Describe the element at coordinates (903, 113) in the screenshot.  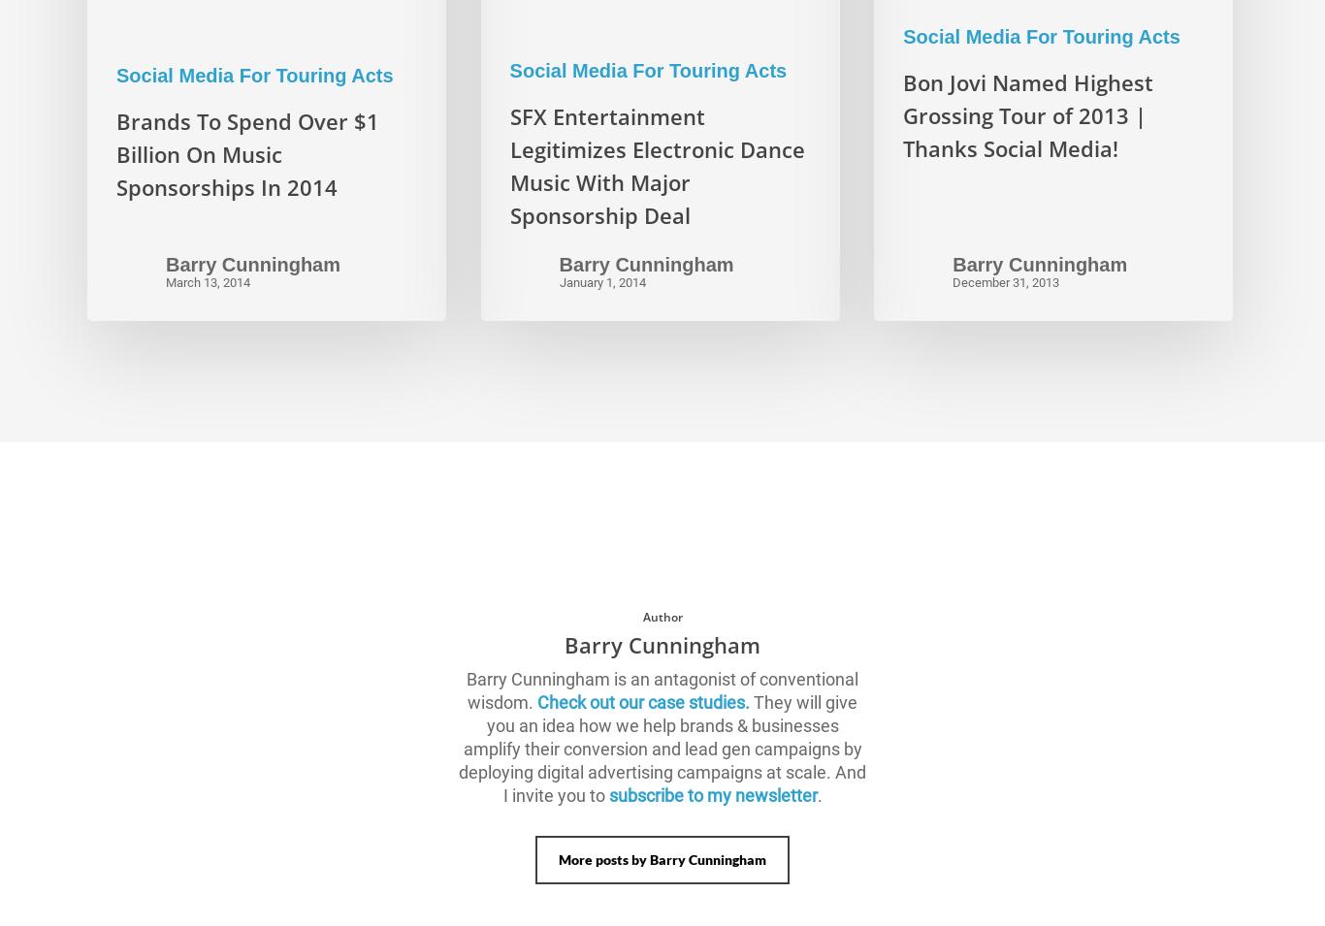
I see `'Bon Jovi Named Highest Grossing Tour of 2013 | Thanks Social Media!'` at that location.